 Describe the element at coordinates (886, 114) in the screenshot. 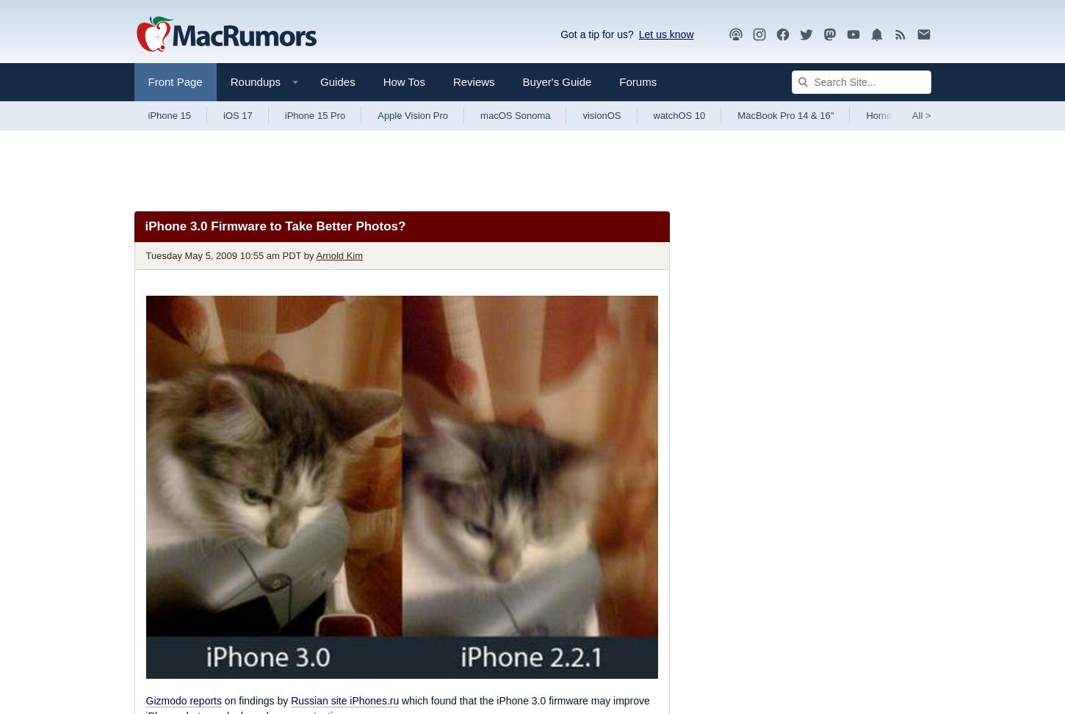

I see `'HomePod'` at that location.